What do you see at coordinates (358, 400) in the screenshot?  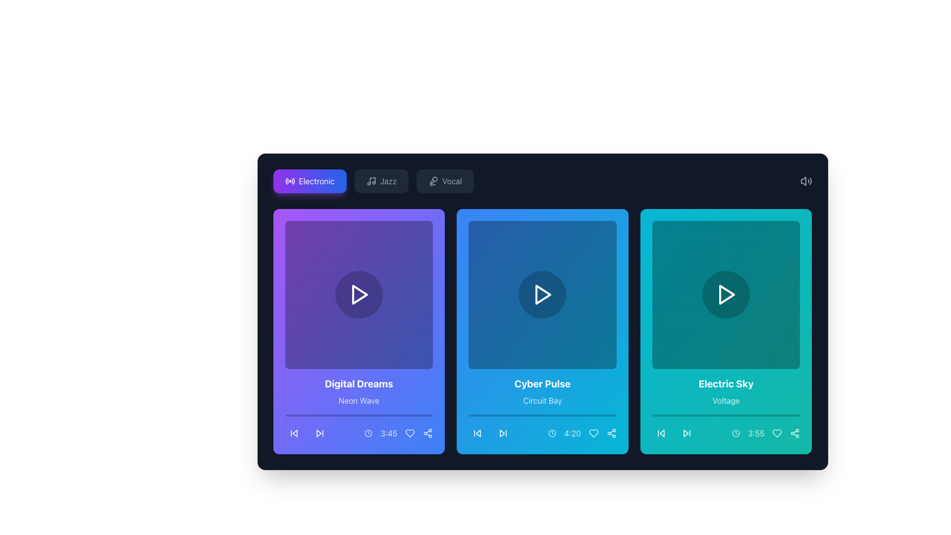 I see `the static label providing context to 'Digital Dreams', located below the 'Digital Dreams' title and above a horizontal divider line in the first card of the horizontally aligned cards` at bounding box center [358, 400].